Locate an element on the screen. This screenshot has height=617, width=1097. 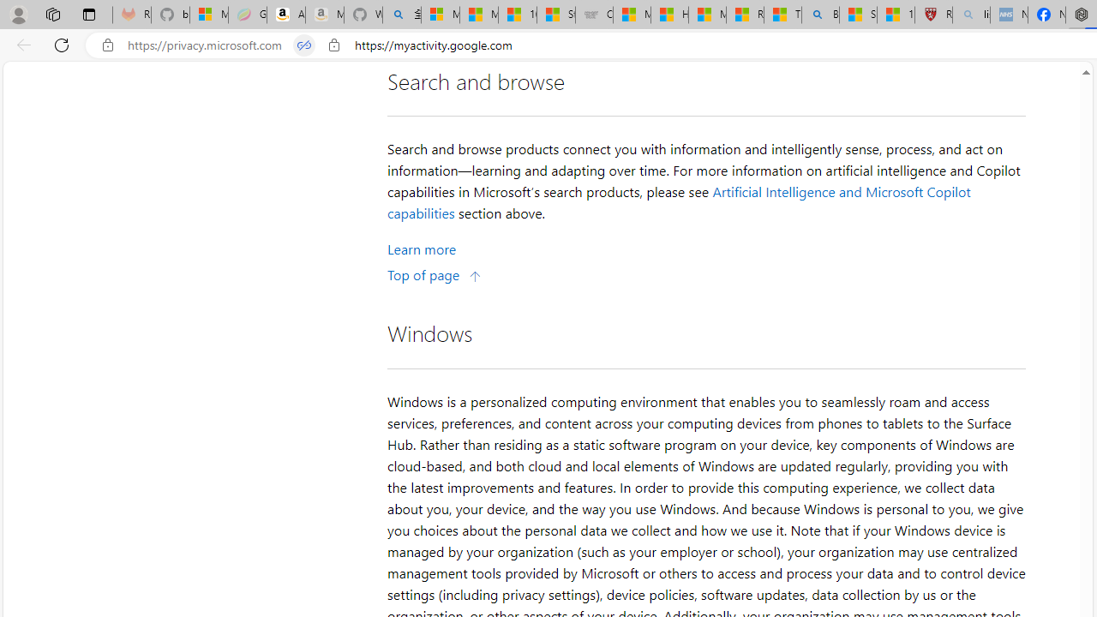
'Tabs in split screen' is located at coordinates (304, 45).